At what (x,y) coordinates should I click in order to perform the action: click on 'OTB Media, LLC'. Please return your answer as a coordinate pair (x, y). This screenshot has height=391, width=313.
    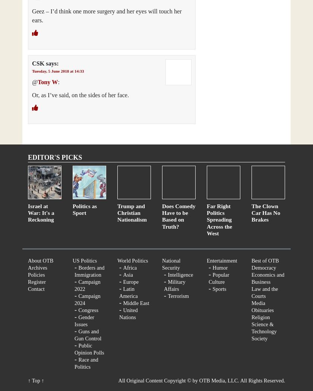
    Looking at the image, I should click on (218, 380).